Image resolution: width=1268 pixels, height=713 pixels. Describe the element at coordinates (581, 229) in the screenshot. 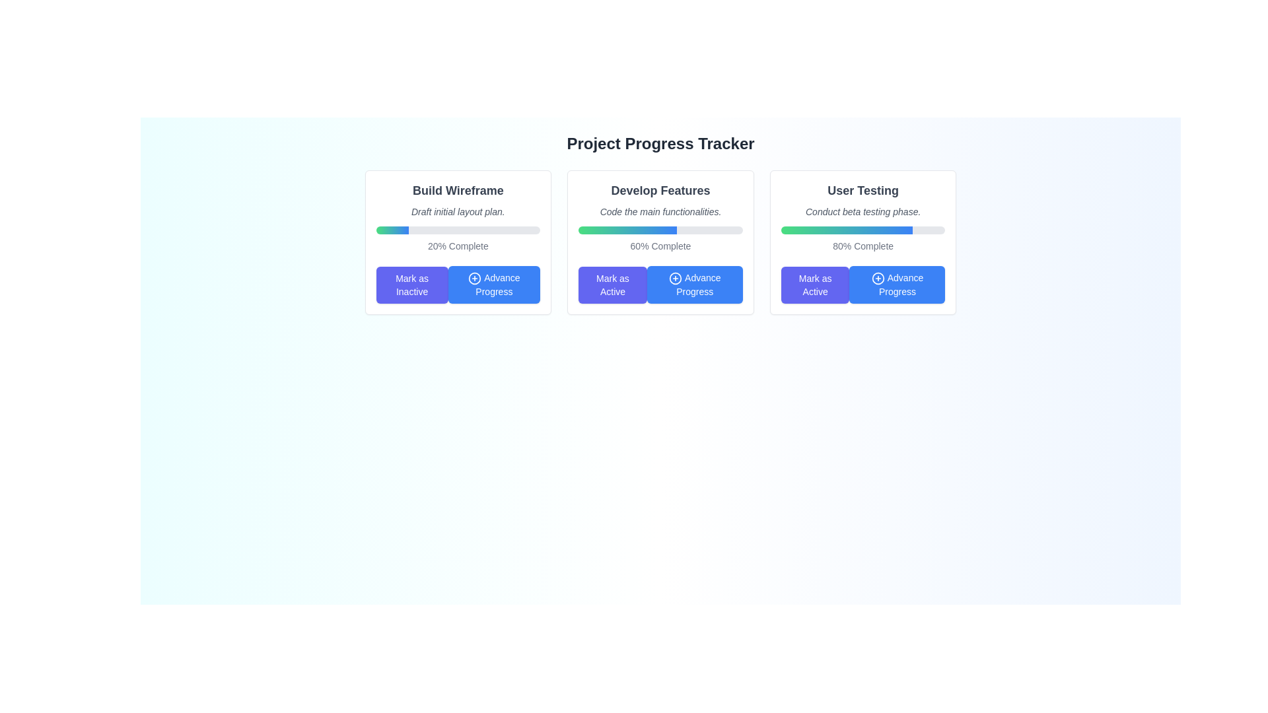

I see `the progress indicator` at that location.